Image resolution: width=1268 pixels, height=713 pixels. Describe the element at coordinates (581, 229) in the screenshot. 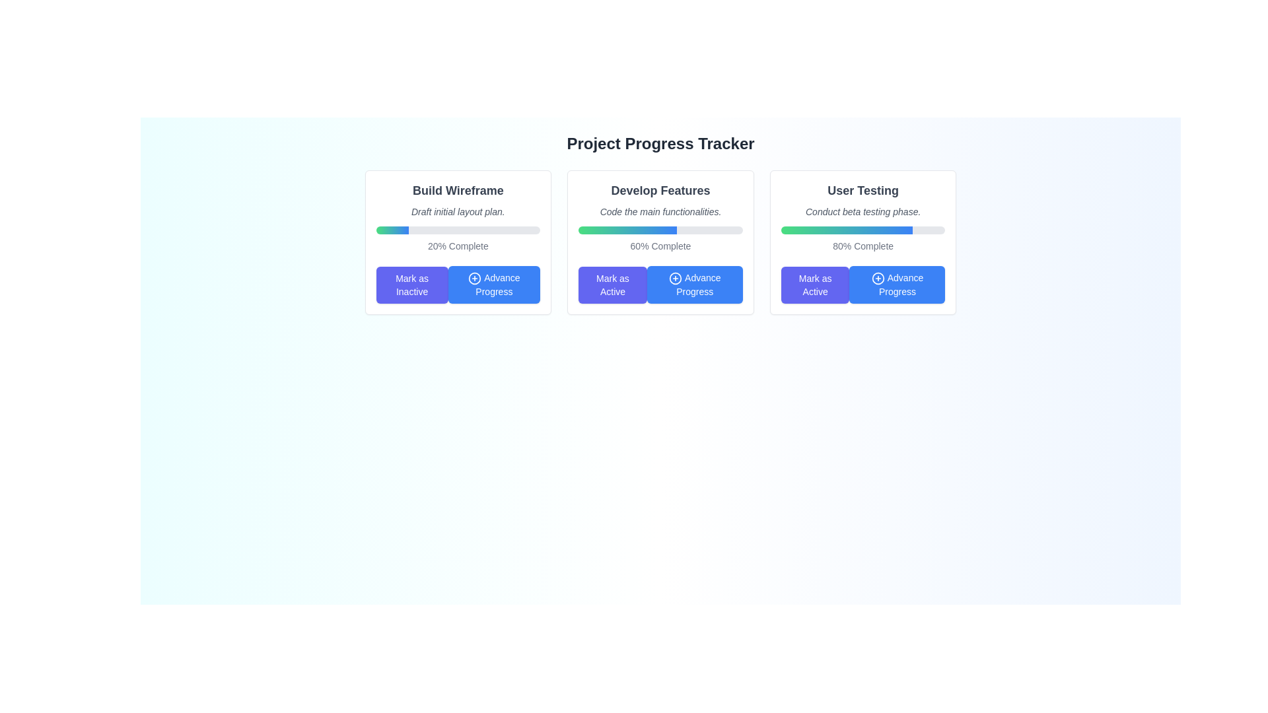

I see `the progress indicator` at that location.